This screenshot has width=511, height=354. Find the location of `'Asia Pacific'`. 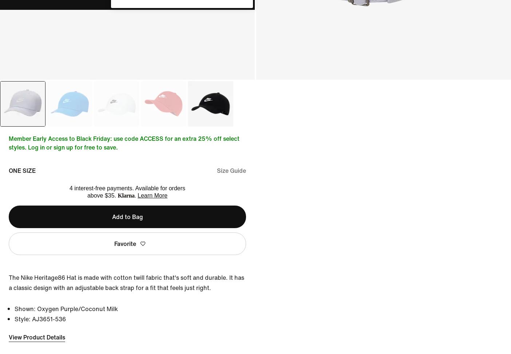

'Asia Pacific' is located at coordinates (35, 275).